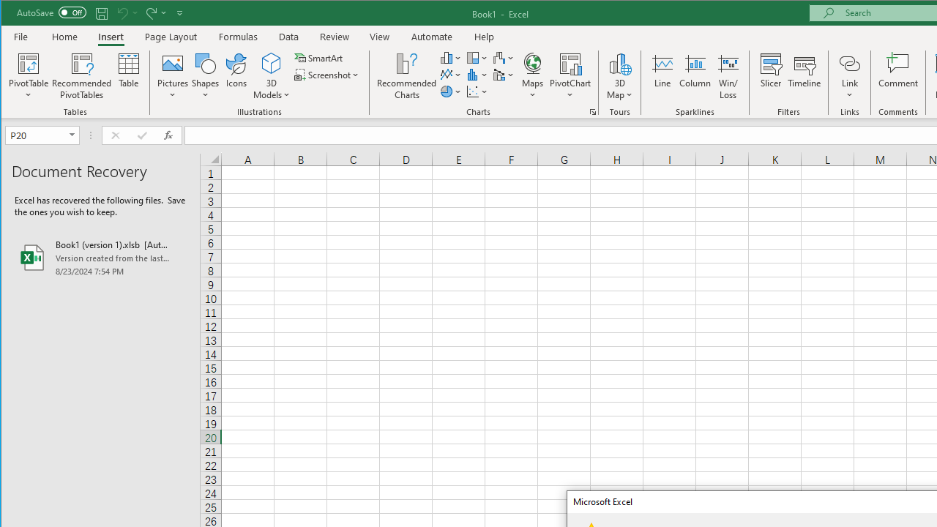 This screenshot has width=937, height=527. I want to click on 'Insert Column or Bar Chart', so click(450, 57).